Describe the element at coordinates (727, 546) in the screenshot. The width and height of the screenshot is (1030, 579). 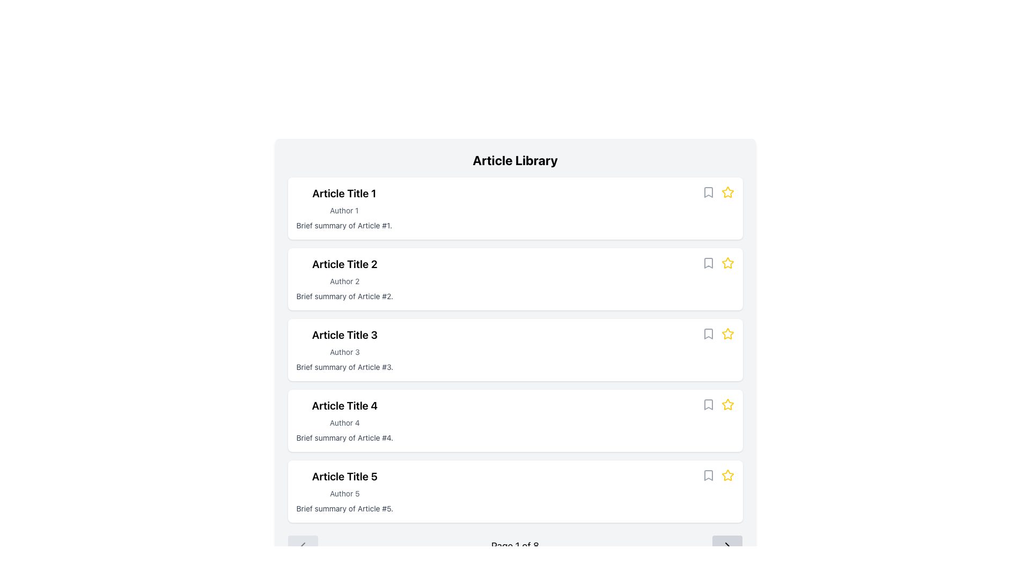
I see `the small right-pointing arrow icon button located in the bottom-right corner of the navigation section` at that location.